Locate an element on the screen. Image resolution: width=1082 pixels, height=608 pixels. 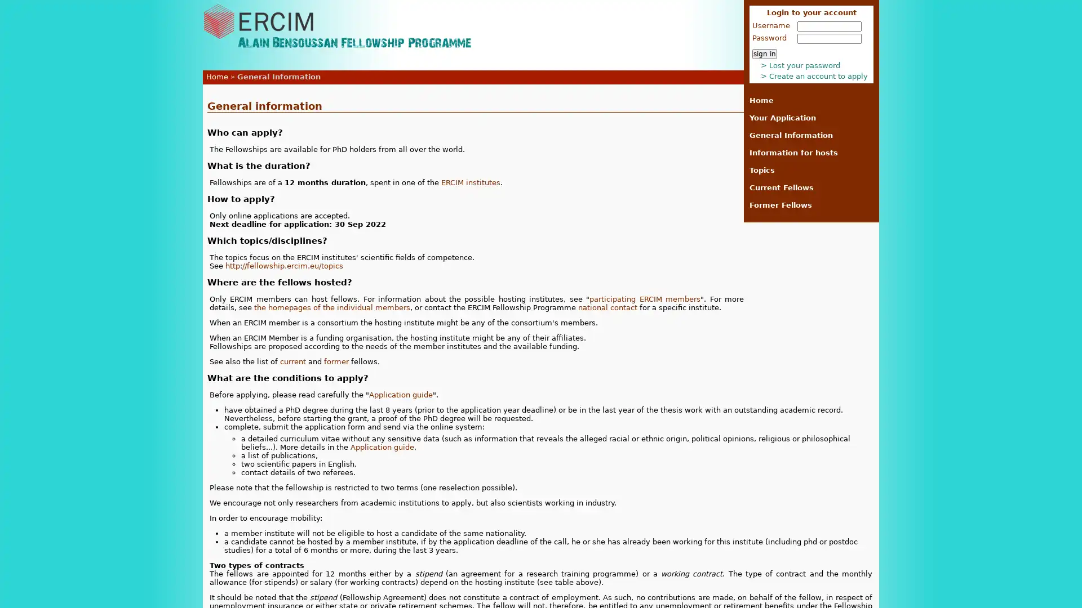
sign in is located at coordinates (765, 54).